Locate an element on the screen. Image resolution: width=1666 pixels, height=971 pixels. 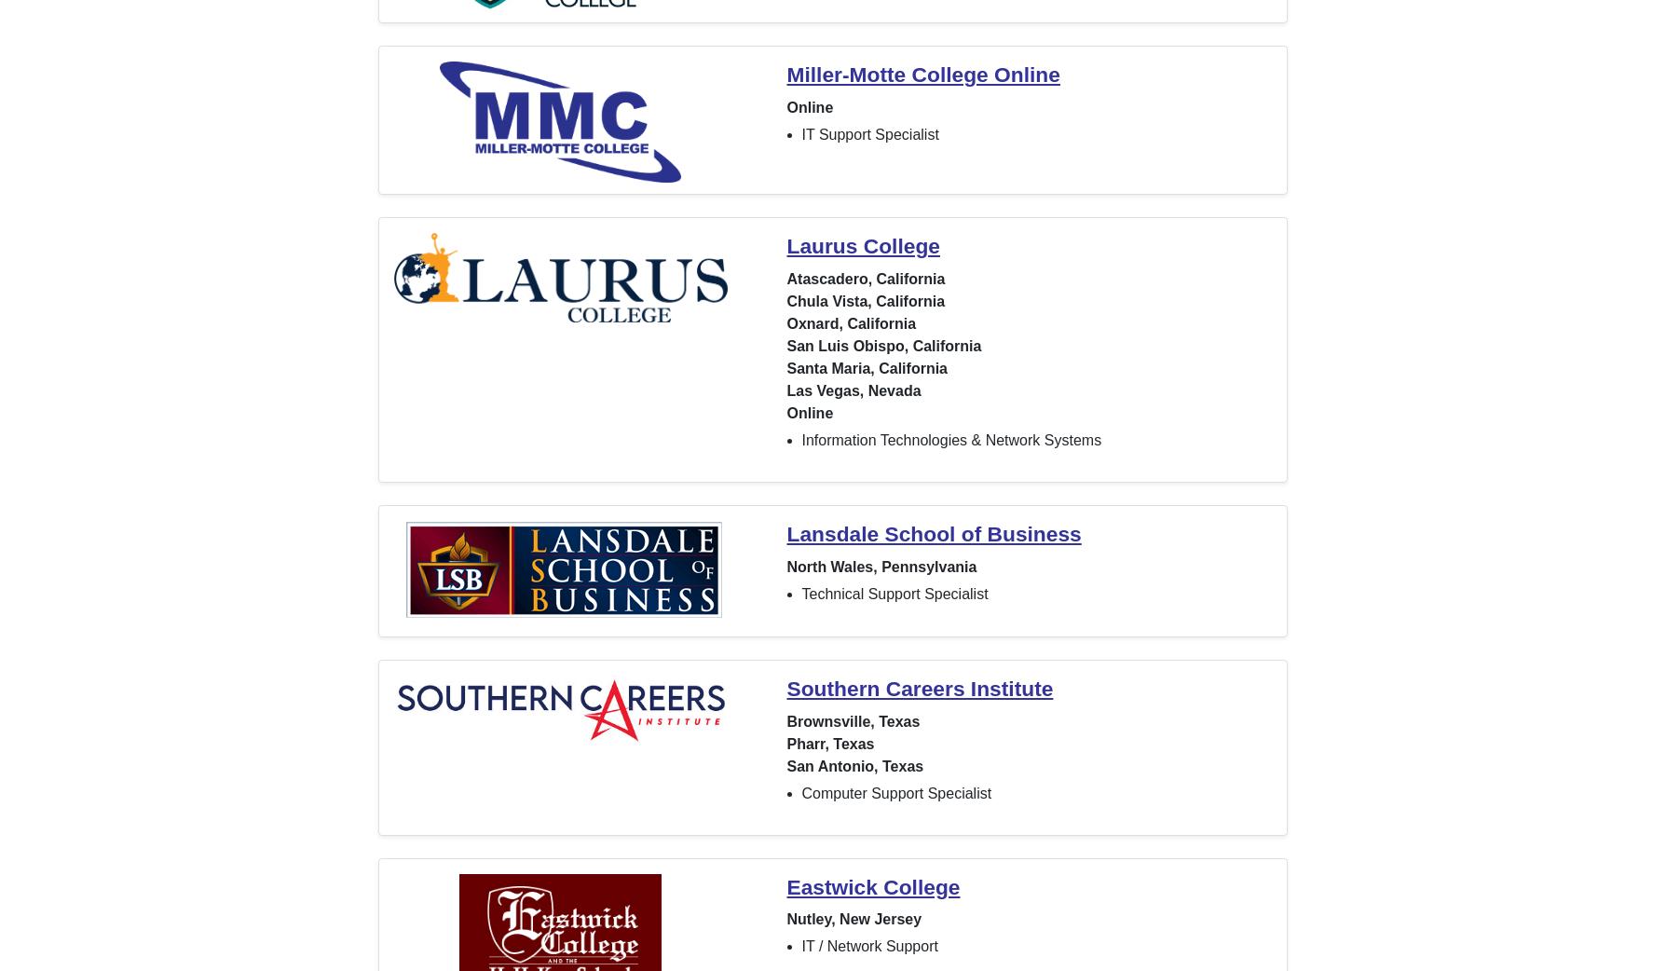
'Las Vegas, Nevada' is located at coordinates (853, 389).